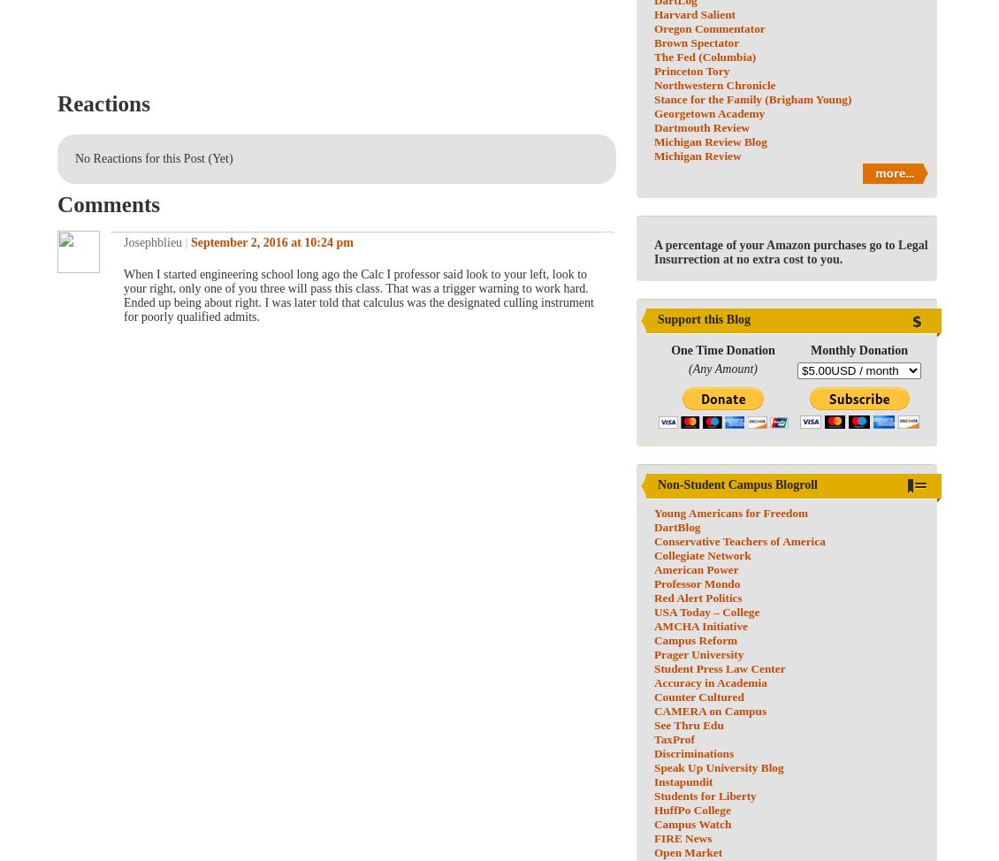 The image size is (999, 861). I want to click on 'Professor Mondo', so click(697, 583).